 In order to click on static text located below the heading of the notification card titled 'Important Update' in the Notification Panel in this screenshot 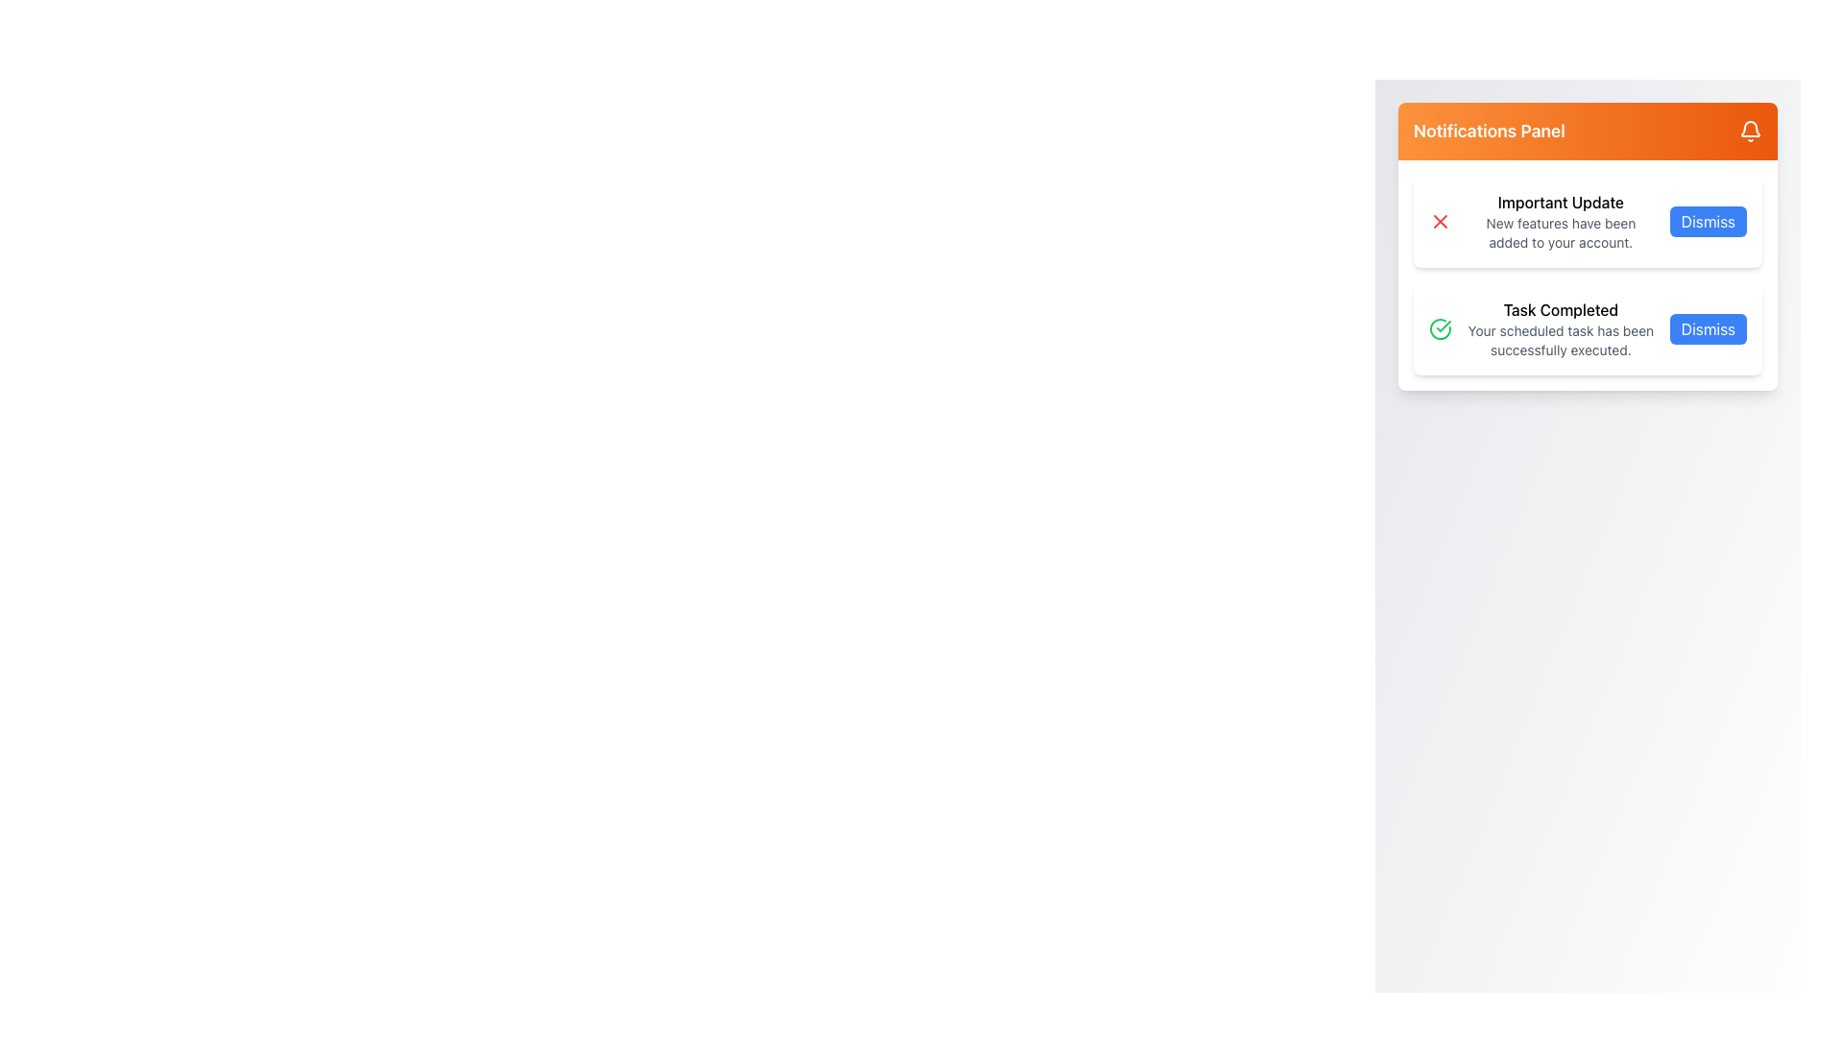, I will do `click(1561, 232)`.